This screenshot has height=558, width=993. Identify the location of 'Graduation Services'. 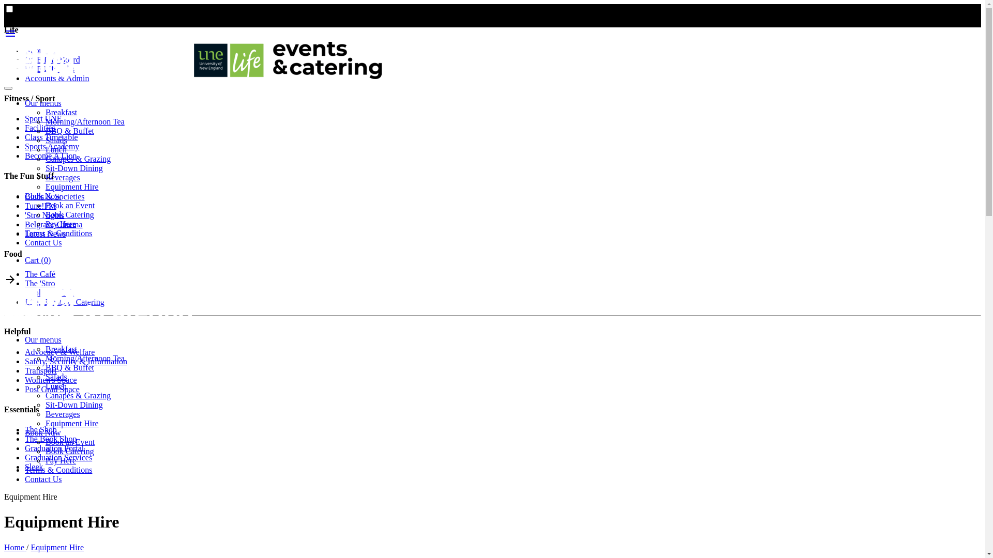
(58, 457).